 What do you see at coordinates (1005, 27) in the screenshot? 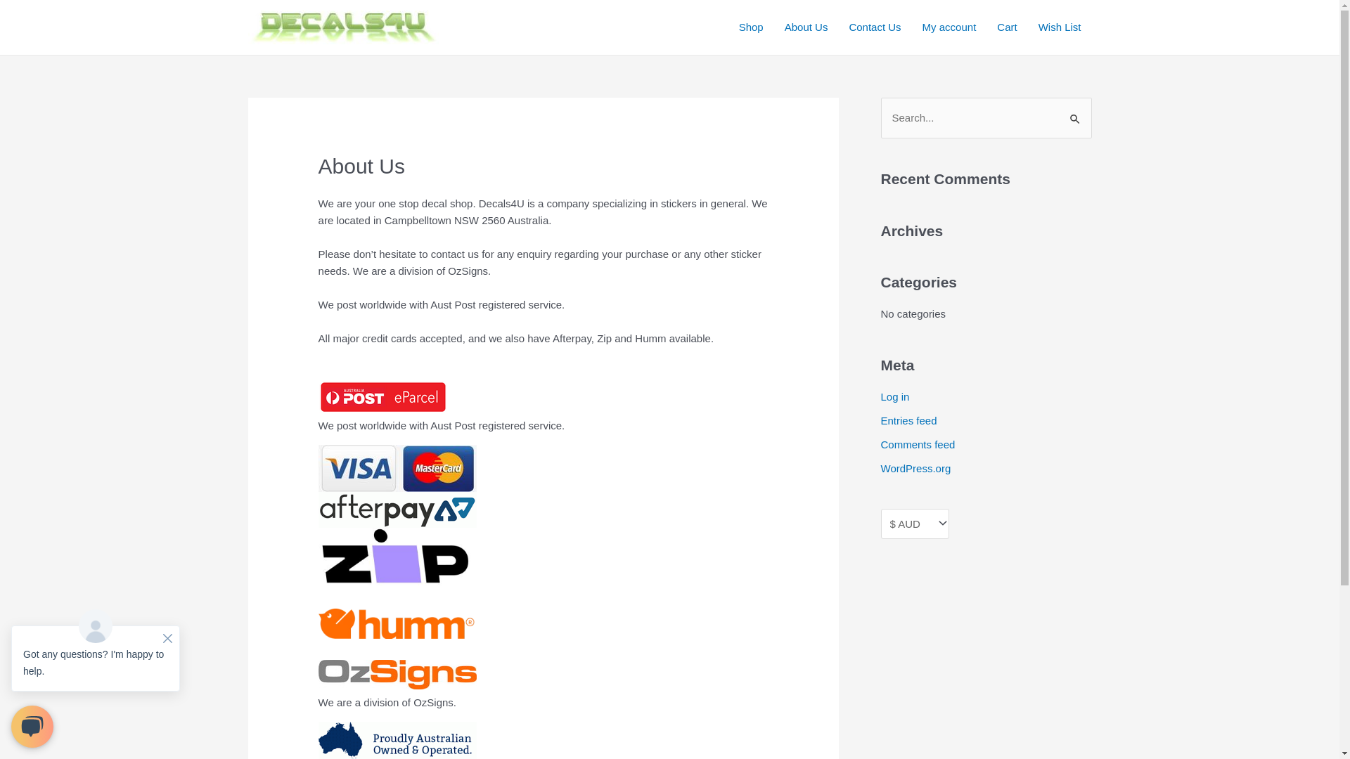
I see `'Cart'` at bounding box center [1005, 27].